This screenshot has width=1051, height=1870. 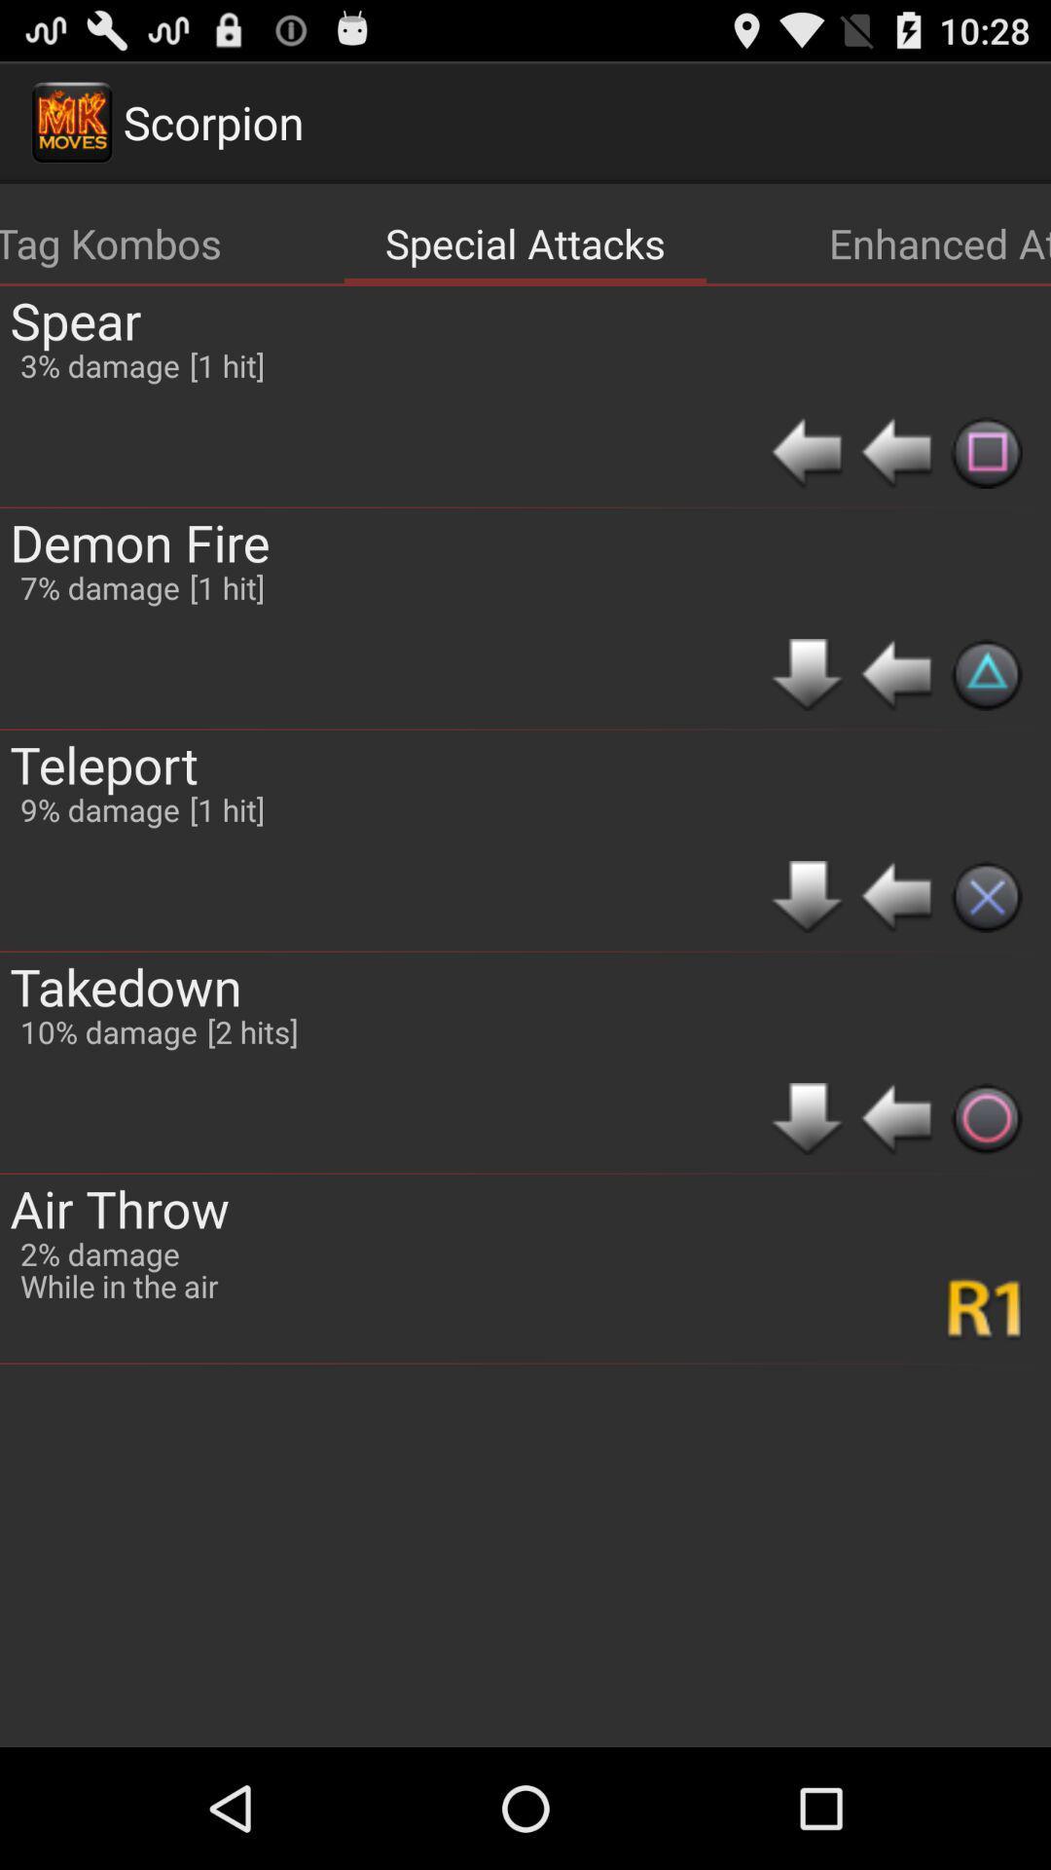 I want to click on the teleport item, so click(x=104, y=763).